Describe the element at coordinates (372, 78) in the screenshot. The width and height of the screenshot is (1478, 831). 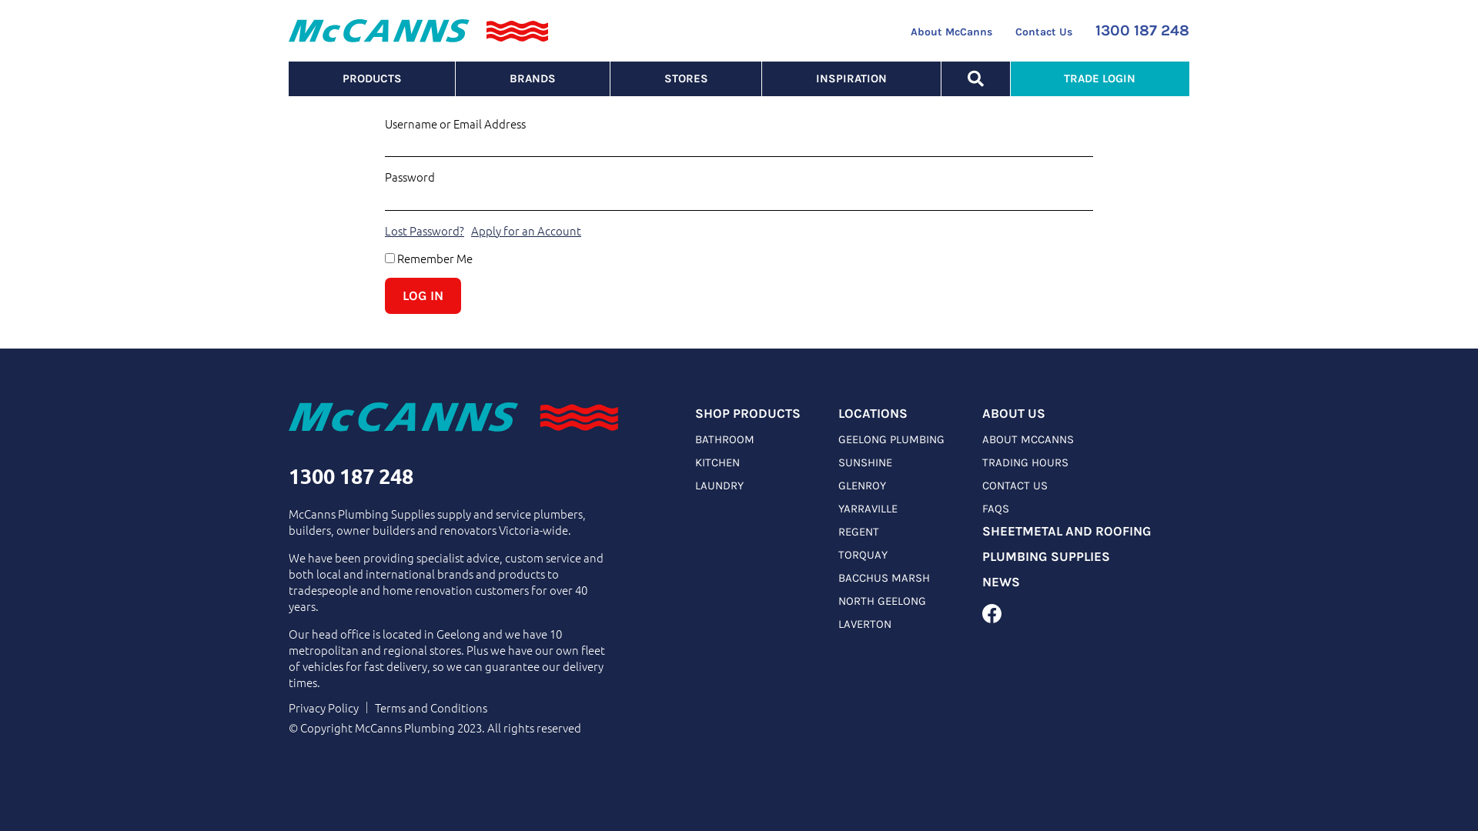
I see `'PRODUCTS'` at that location.